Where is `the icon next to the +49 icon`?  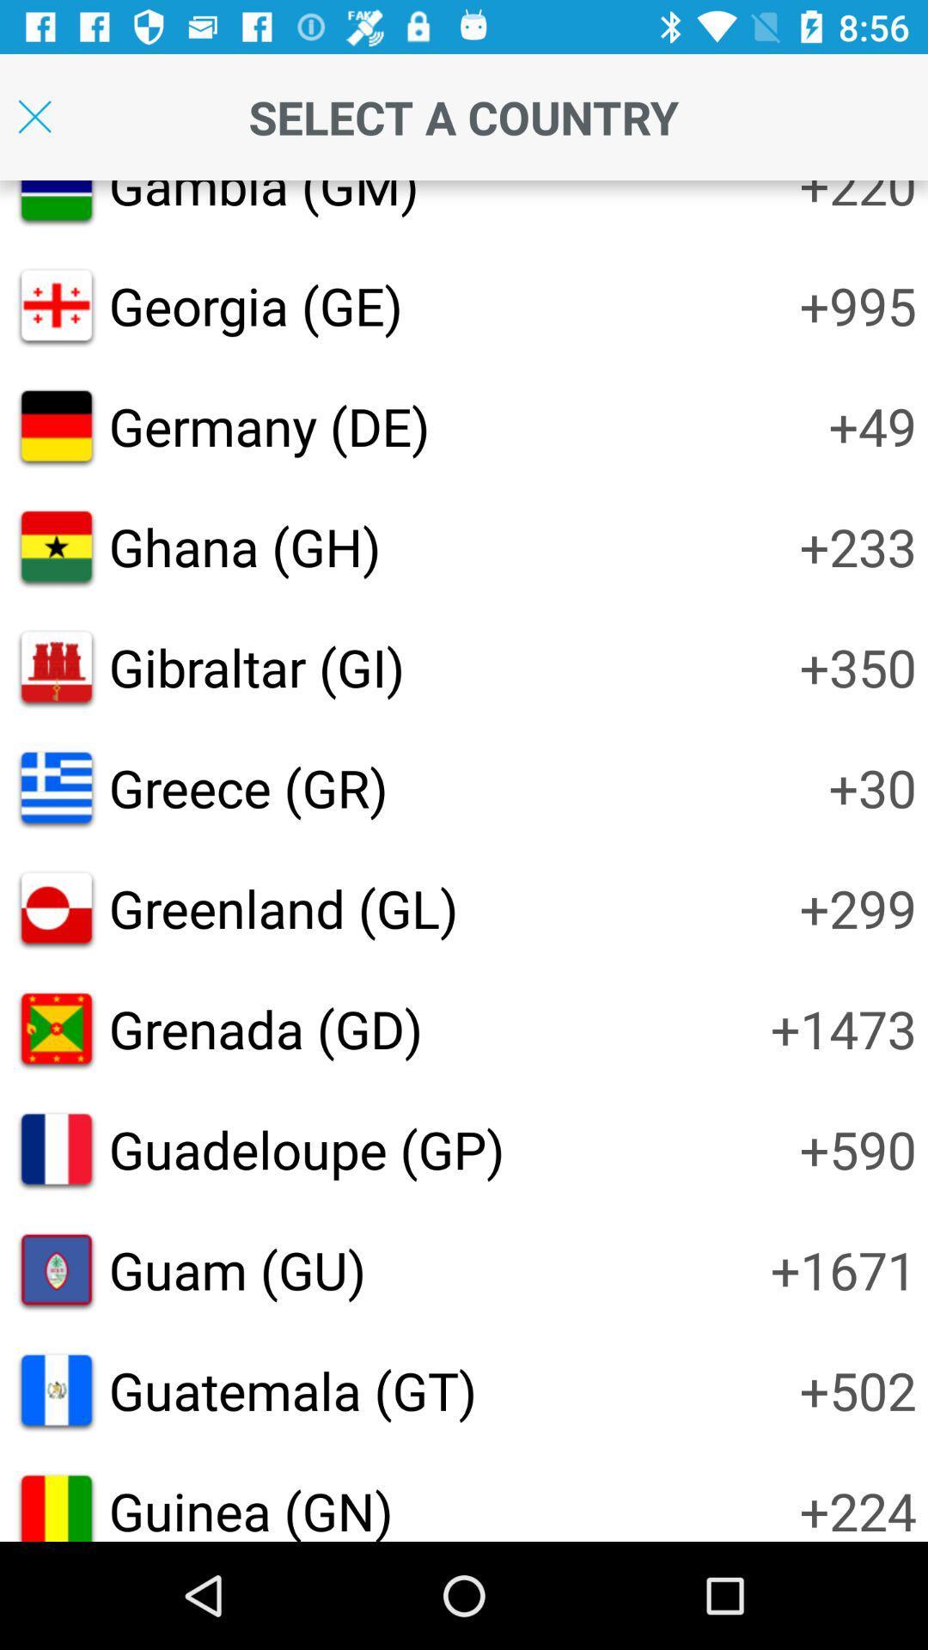
the icon next to the +49 icon is located at coordinates (269, 425).